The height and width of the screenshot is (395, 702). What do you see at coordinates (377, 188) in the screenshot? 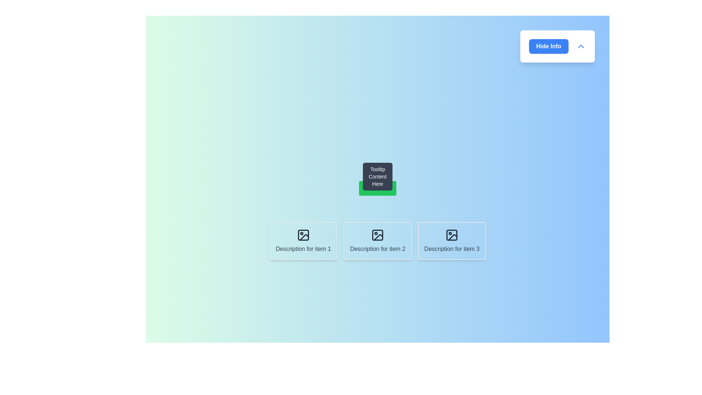
I see `the standalone button located in the central upper part of the interface` at bounding box center [377, 188].